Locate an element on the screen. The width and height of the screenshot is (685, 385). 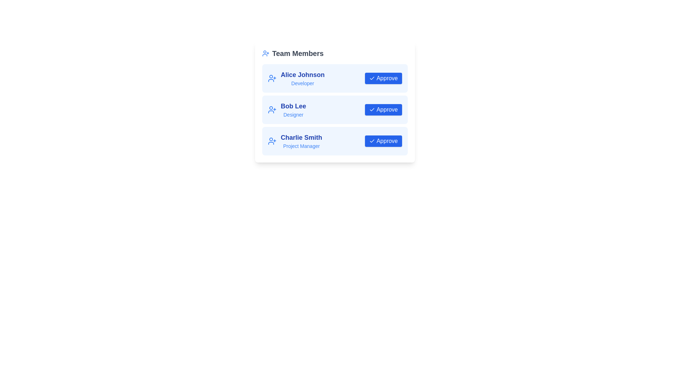
the text label displaying the job title 'Designer' for the individual named 'Bob Lee', located beneath the name and to the right of an icon in the middle card of the team member layout is located at coordinates (293, 114).